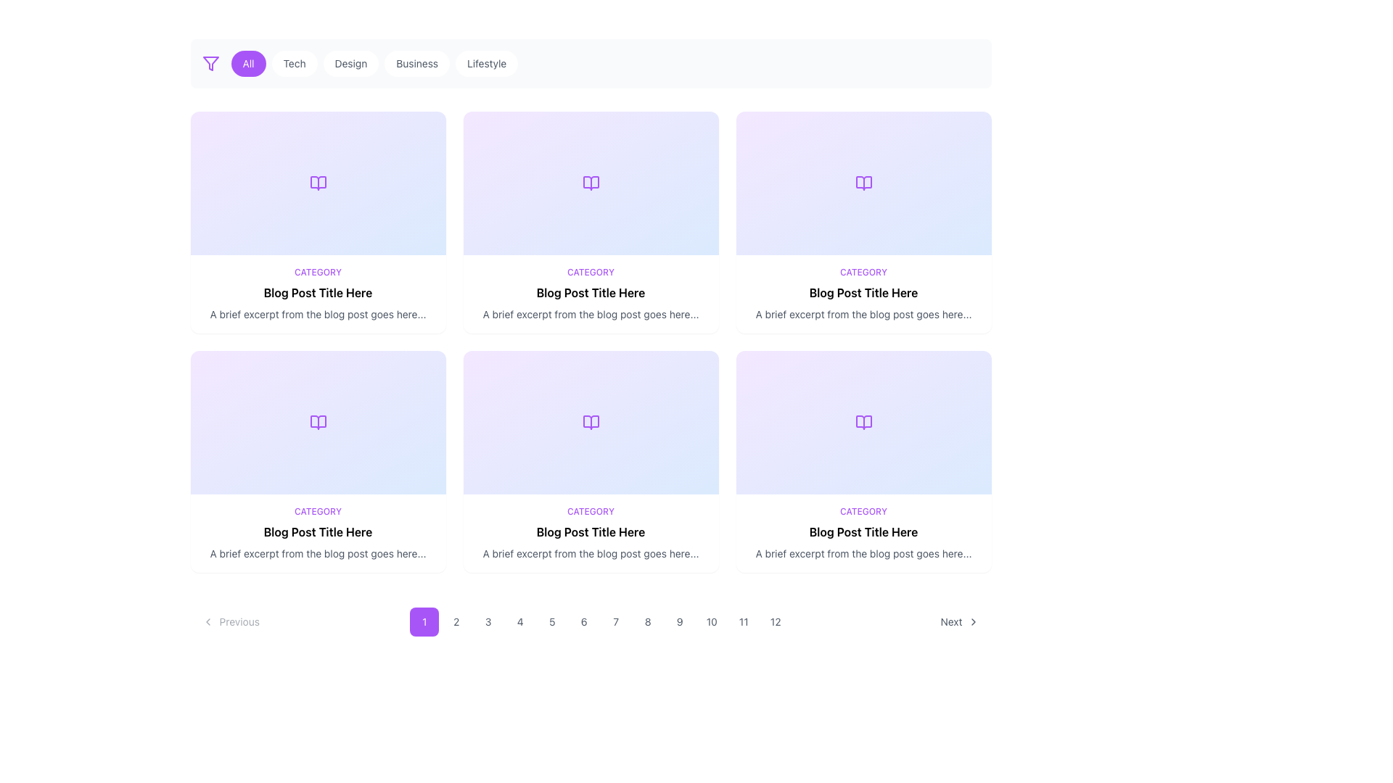  What do you see at coordinates (317, 183) in the screenshot?
I see `the decorative SVG icon representing a book, which is centrally located within the first card of the blog post grid layout` at bounding box center [317, 183].